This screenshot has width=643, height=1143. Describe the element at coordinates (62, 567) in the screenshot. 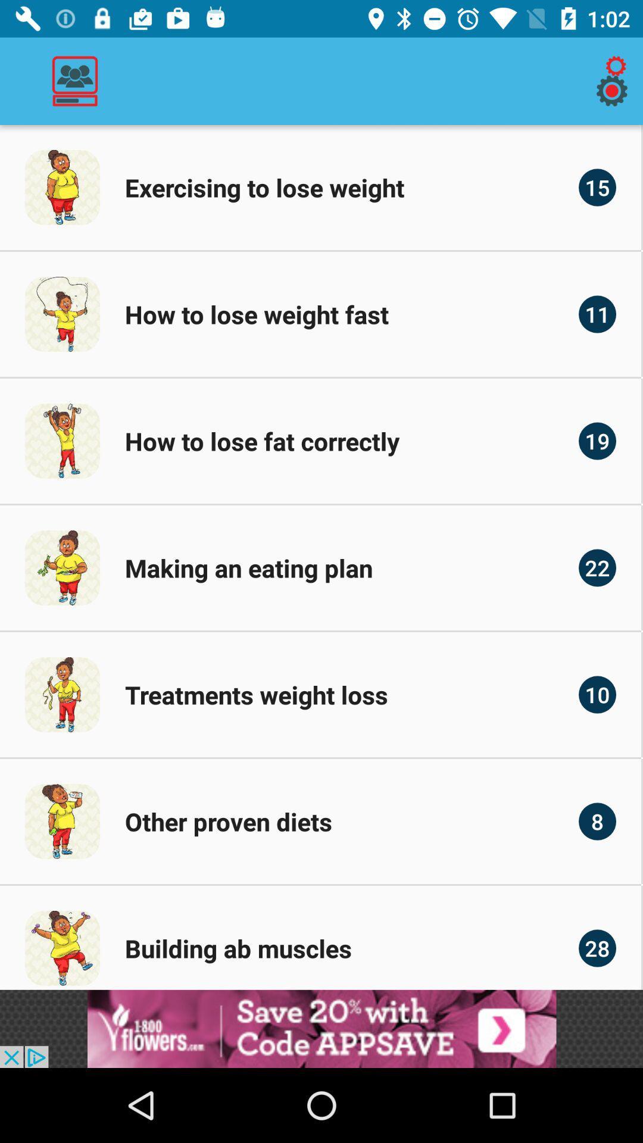

I see `the image to the left of making an eating plan text` at that location.